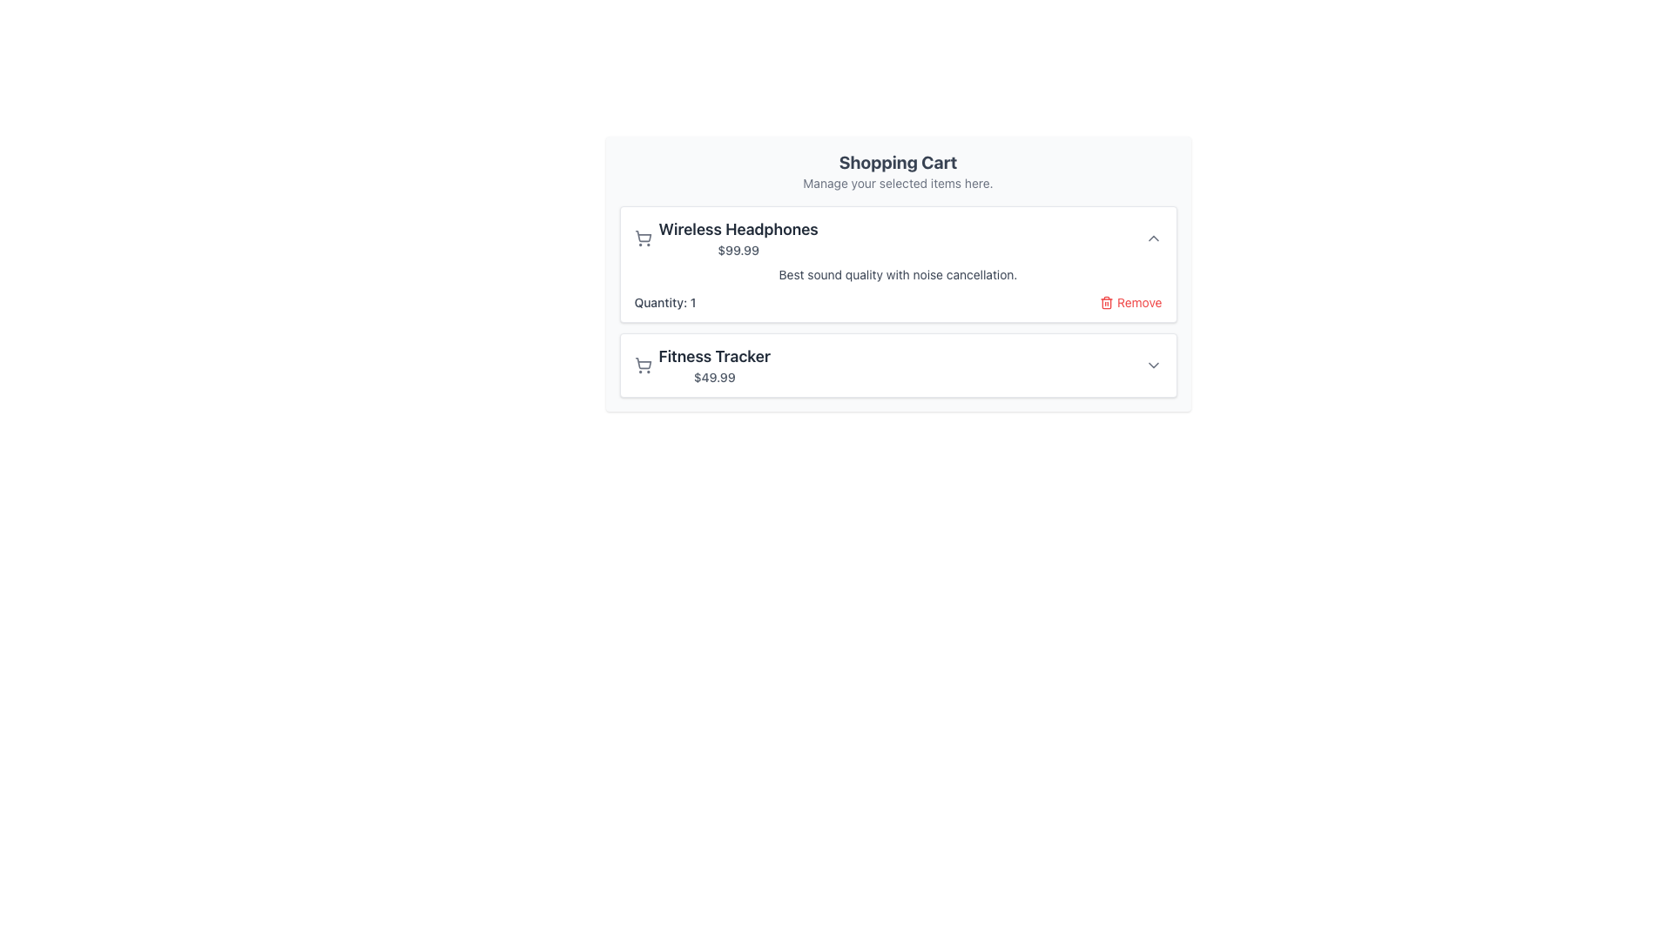 The image size is (1672, 940). What do you see at coordinates (738, 238) in the screenshot?
I see `the text displayed in the TextBlock showing the product title 'Wireless Headphones' and its price '$99.99', located in the top segment of the shopping cart interface` at bounding box center [738, 238].